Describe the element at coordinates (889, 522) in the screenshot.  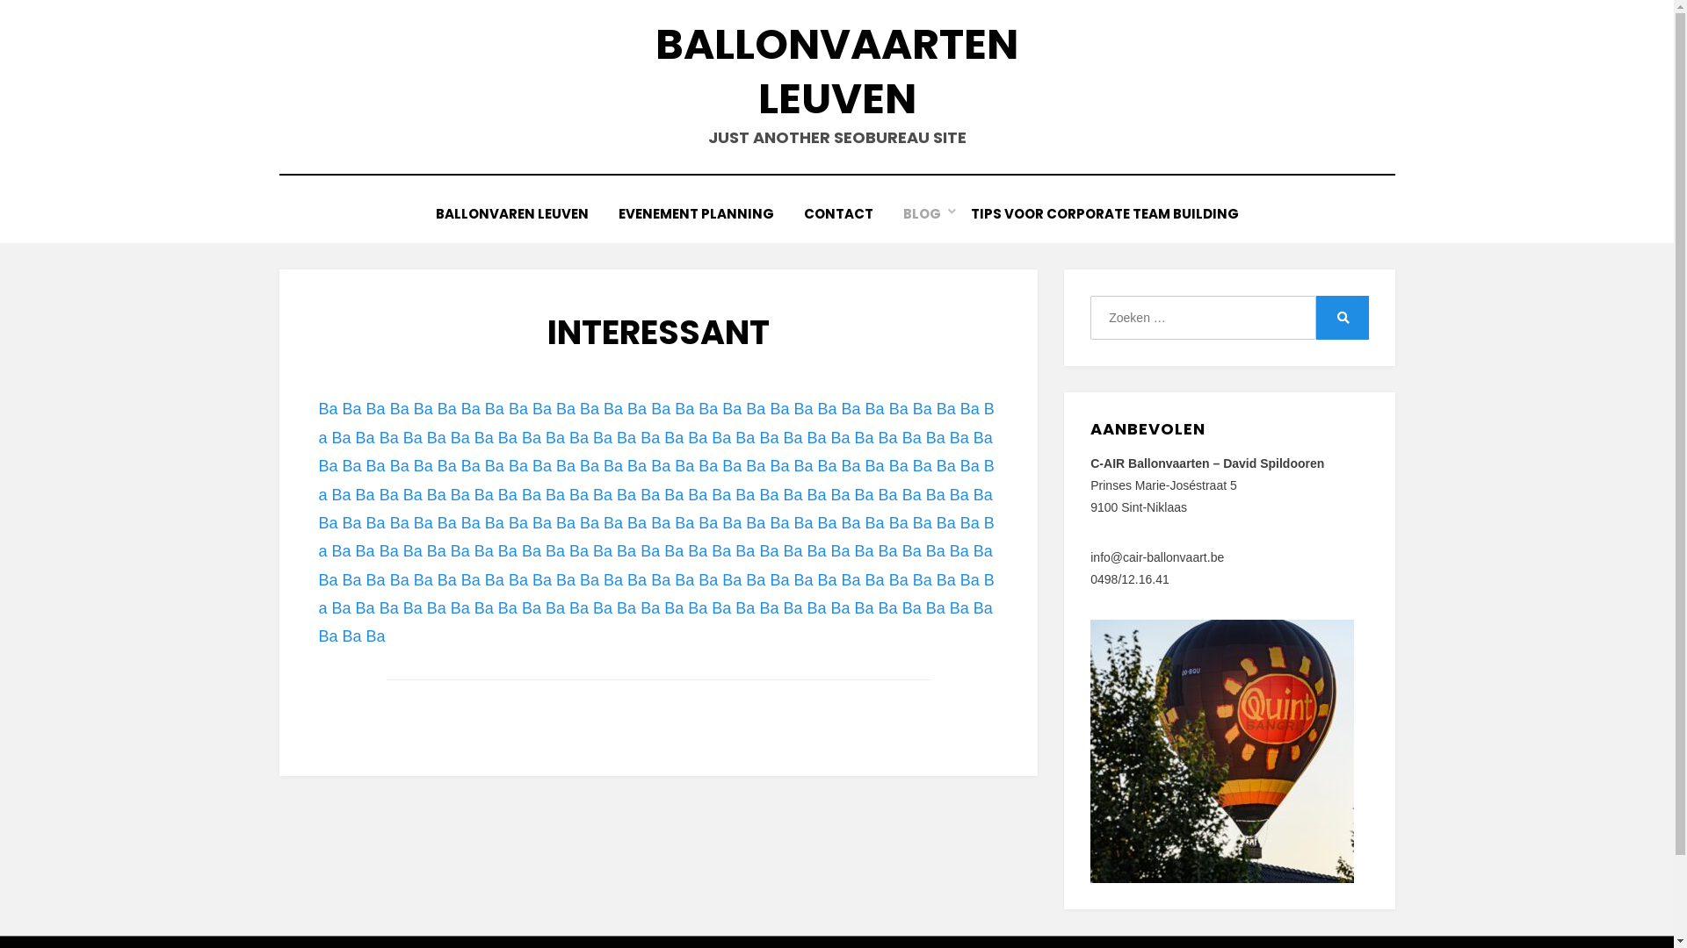
I see `'Ba'` at that location.